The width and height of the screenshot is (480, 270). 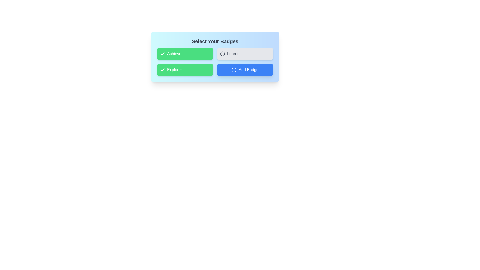 I want to click on the badge Learner to observe its animation effect, so click(x=245, y=54).